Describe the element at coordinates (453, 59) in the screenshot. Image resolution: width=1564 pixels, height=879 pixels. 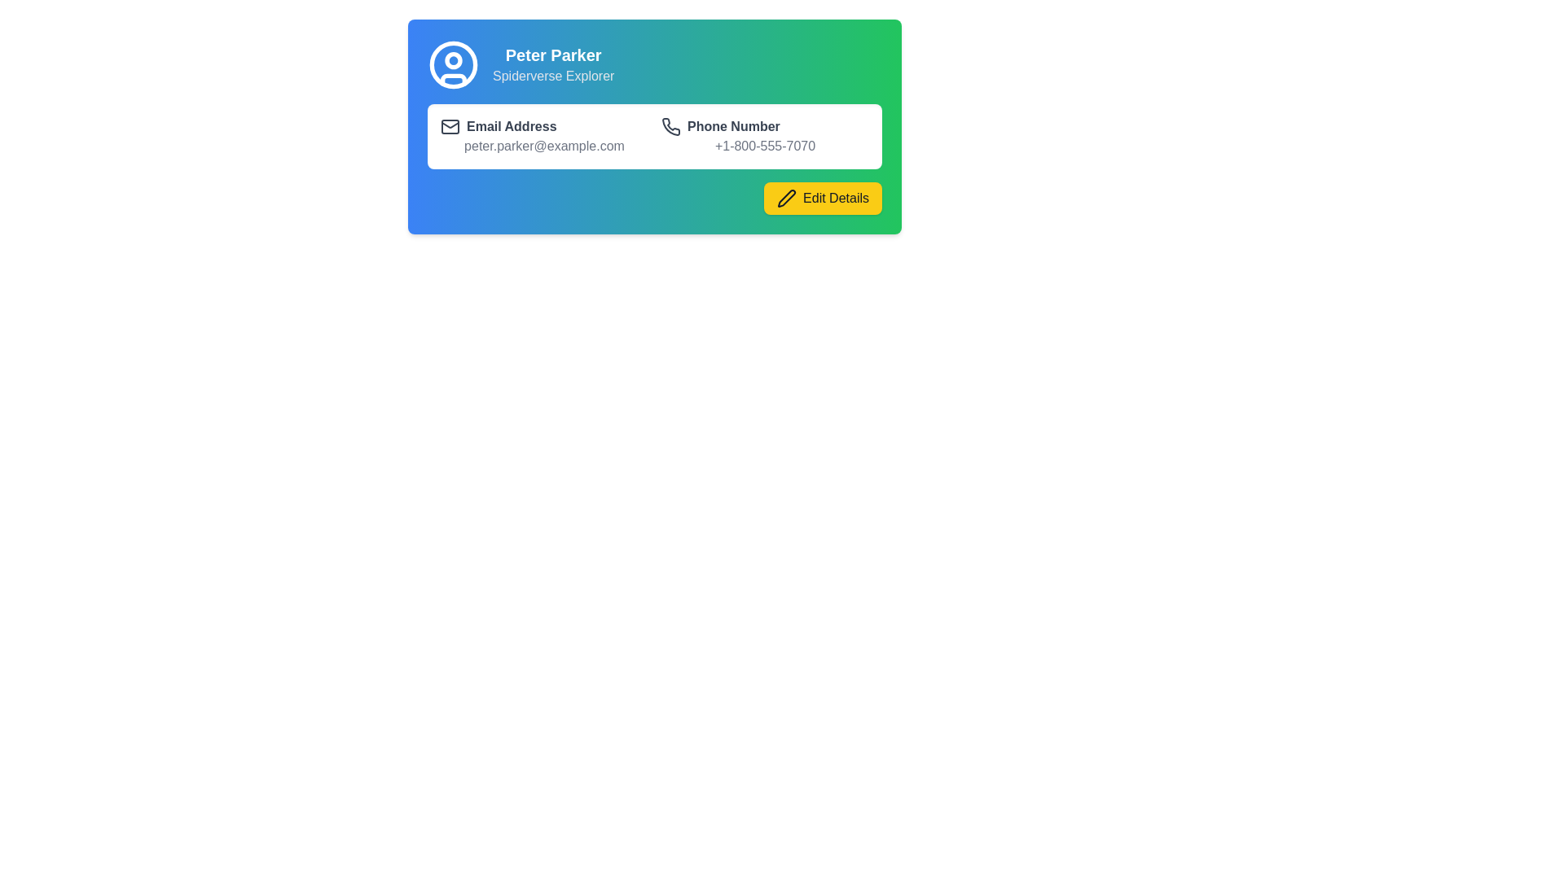
I see `the small white circular Decorative graphic located at the top section of the avatar icon, which suggests facial features` at that location.